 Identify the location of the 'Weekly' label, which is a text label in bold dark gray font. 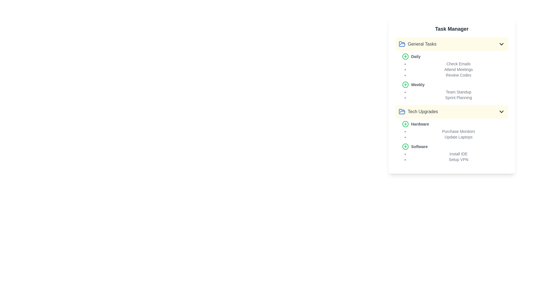
(418, 84).